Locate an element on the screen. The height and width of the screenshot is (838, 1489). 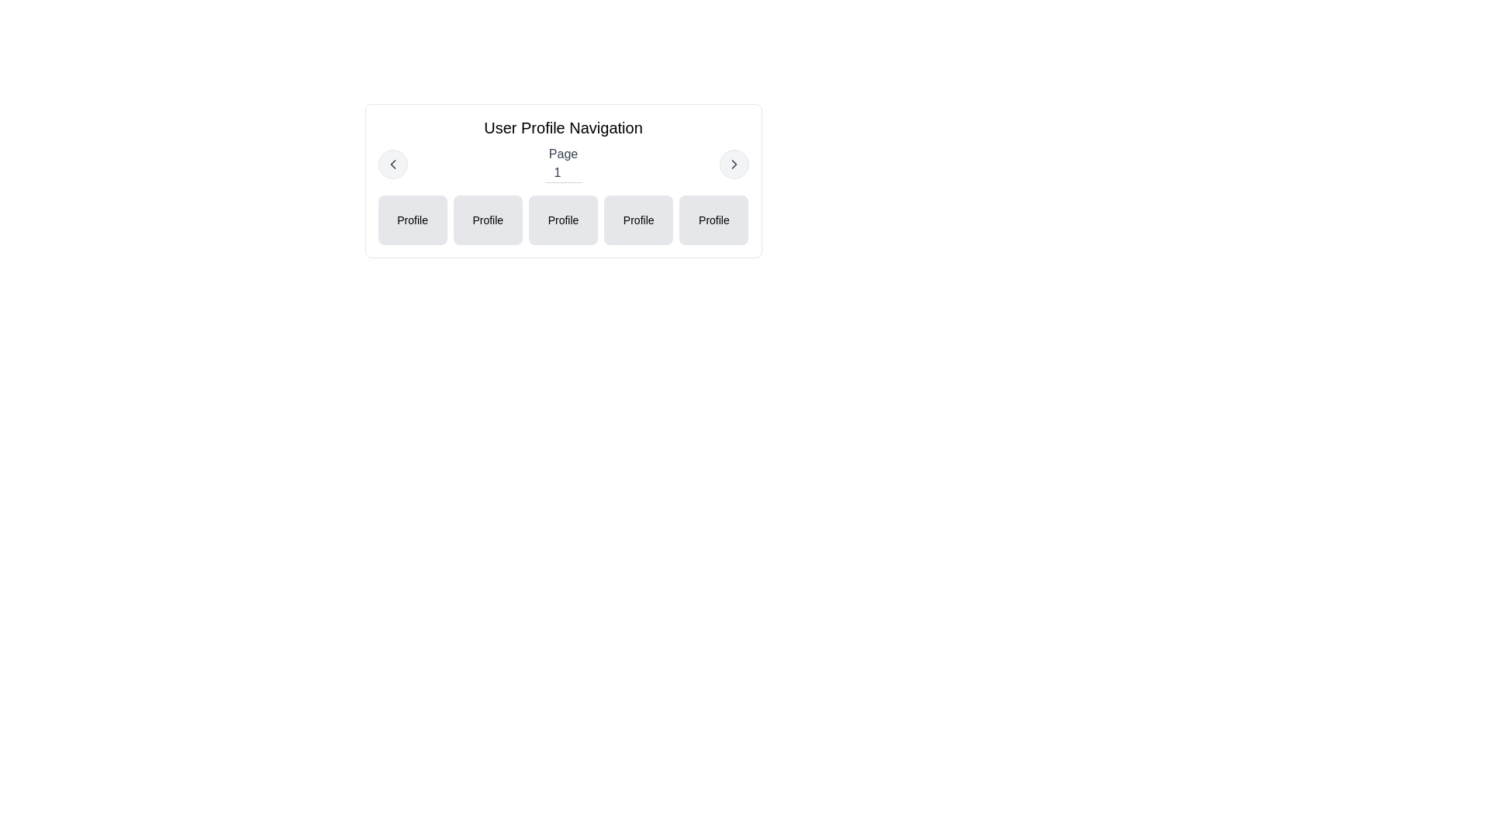
the pagination indicator displaying 'Page 1', which is centrally located between the navigation buttons is located at coordinates (562, 164).